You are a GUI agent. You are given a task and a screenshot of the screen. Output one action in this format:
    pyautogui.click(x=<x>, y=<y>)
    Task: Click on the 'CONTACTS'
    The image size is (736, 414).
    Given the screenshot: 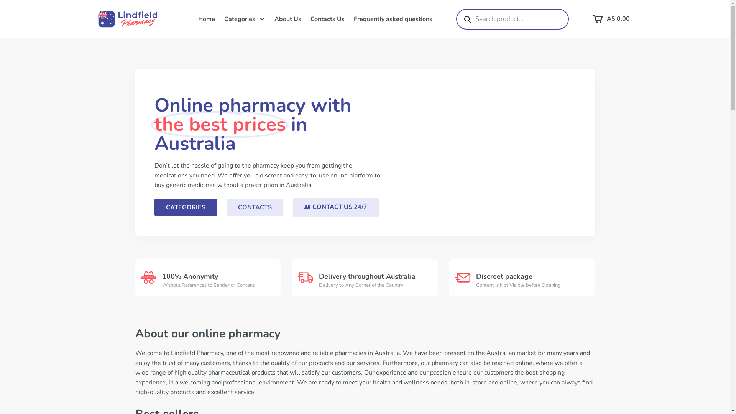 What is the action you would take?
    pyautogui.click(x=254, y=207)
    